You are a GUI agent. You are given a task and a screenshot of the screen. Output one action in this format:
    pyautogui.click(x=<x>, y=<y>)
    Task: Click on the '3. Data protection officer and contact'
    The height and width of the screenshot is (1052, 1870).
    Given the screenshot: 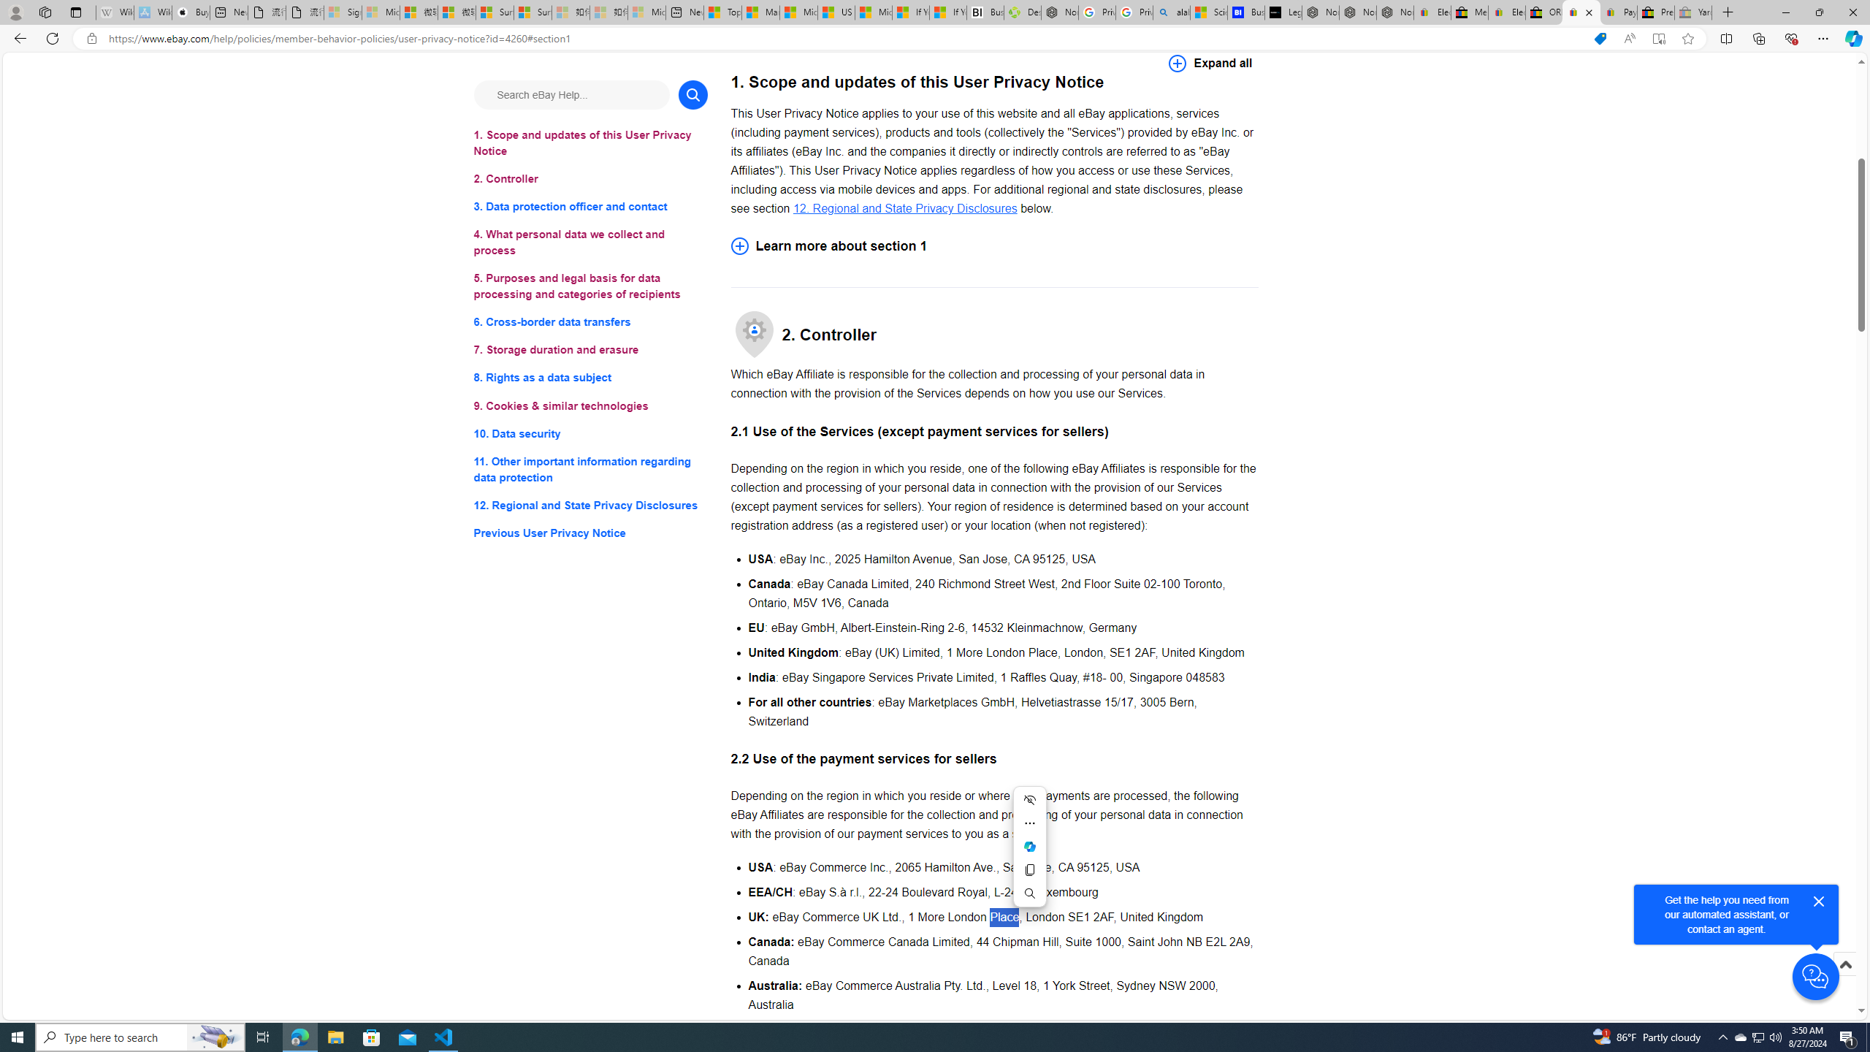 What is the action you would take?
    pyautogui.click(x=589, y=207)
    